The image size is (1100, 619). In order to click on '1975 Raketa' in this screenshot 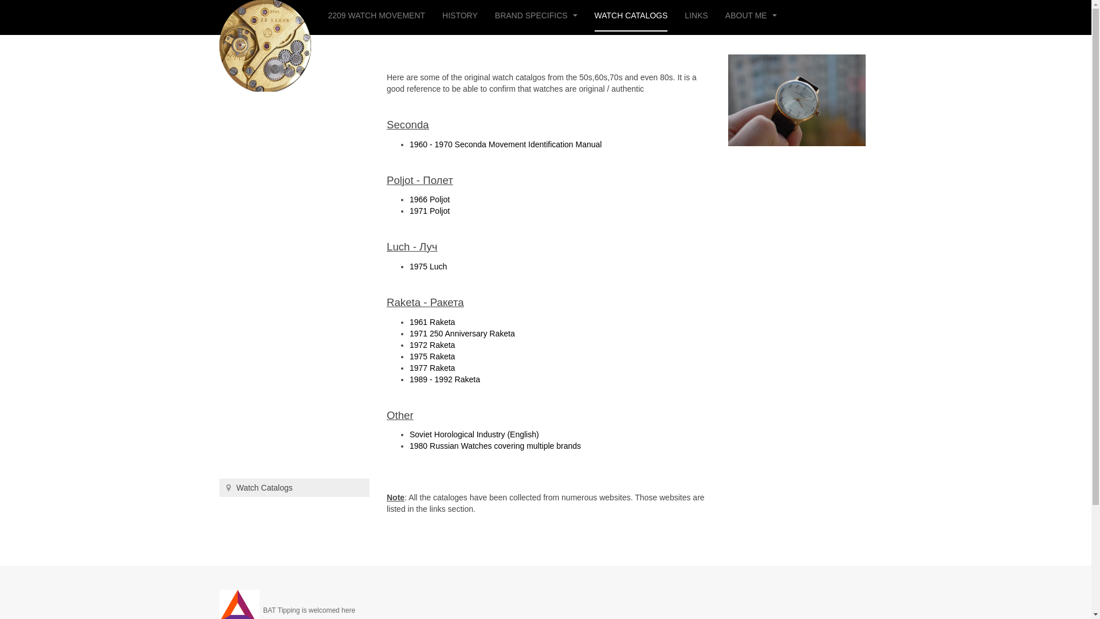, I will do `click(431, 355)`.